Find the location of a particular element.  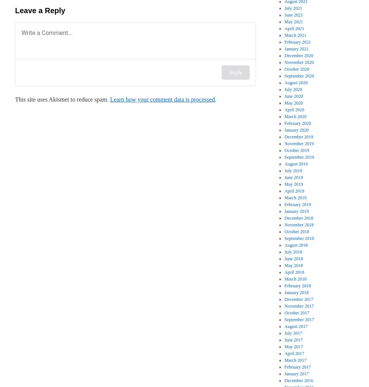

'October 2020' is located at coordinates (284, 69).